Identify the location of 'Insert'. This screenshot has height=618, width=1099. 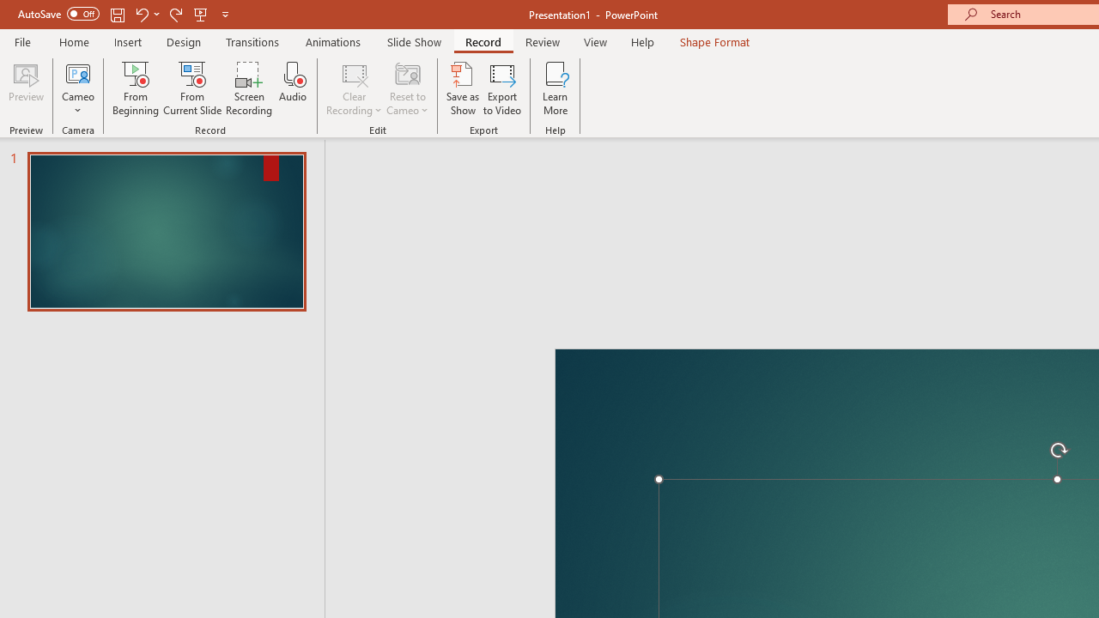
(127, 41).